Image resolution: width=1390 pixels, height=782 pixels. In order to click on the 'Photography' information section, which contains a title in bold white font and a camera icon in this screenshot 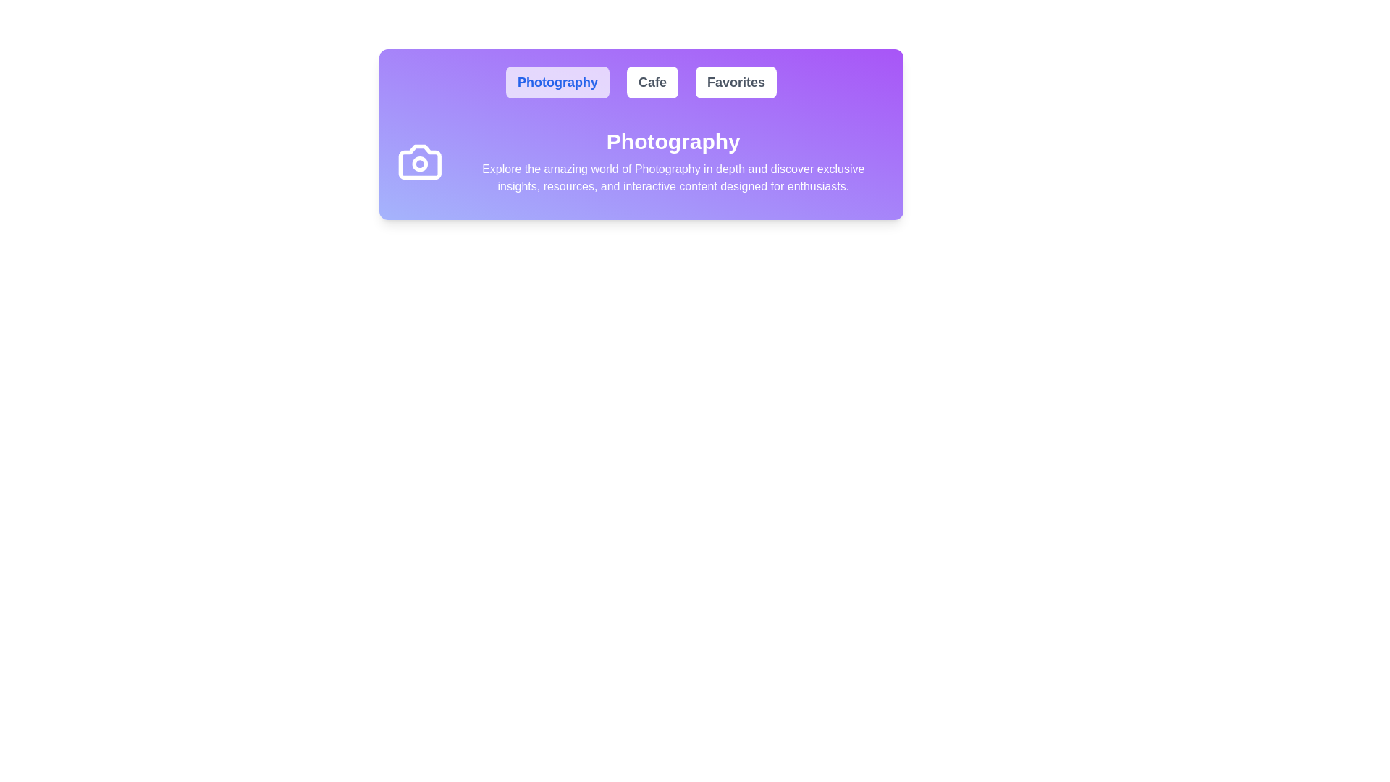, I will do `click(641, 161)`.